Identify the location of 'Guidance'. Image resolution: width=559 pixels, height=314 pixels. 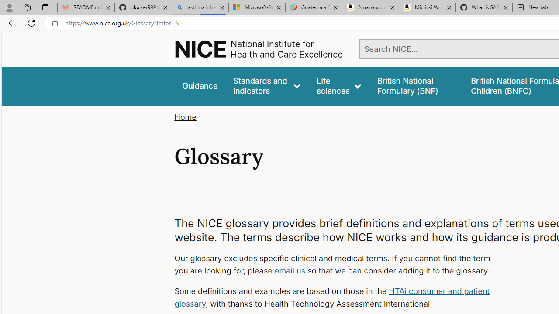
(200, 86).